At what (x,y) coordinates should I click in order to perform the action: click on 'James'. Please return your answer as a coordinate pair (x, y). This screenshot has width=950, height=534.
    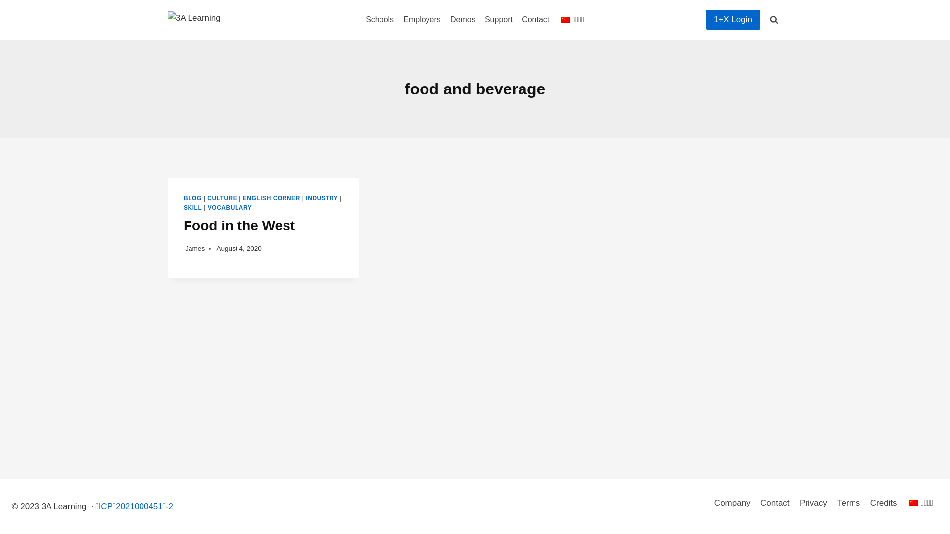
    Looking at the image, I should click on (194, 248).